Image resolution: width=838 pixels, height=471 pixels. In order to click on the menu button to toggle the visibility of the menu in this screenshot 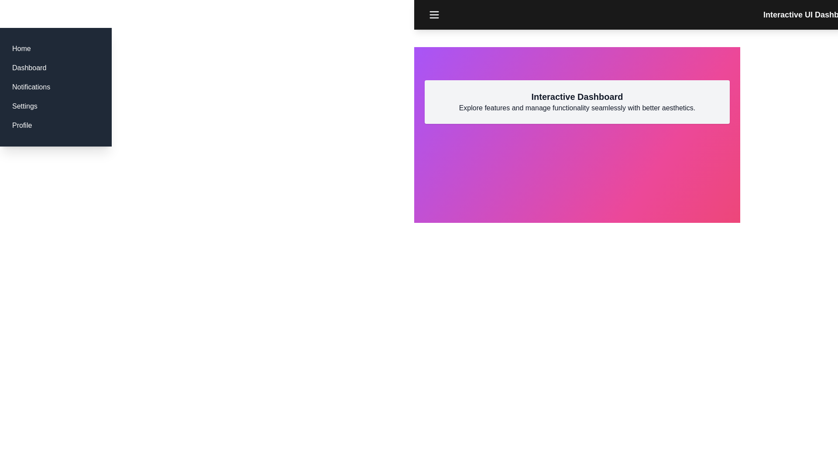, I will do `click(434, 15)`.